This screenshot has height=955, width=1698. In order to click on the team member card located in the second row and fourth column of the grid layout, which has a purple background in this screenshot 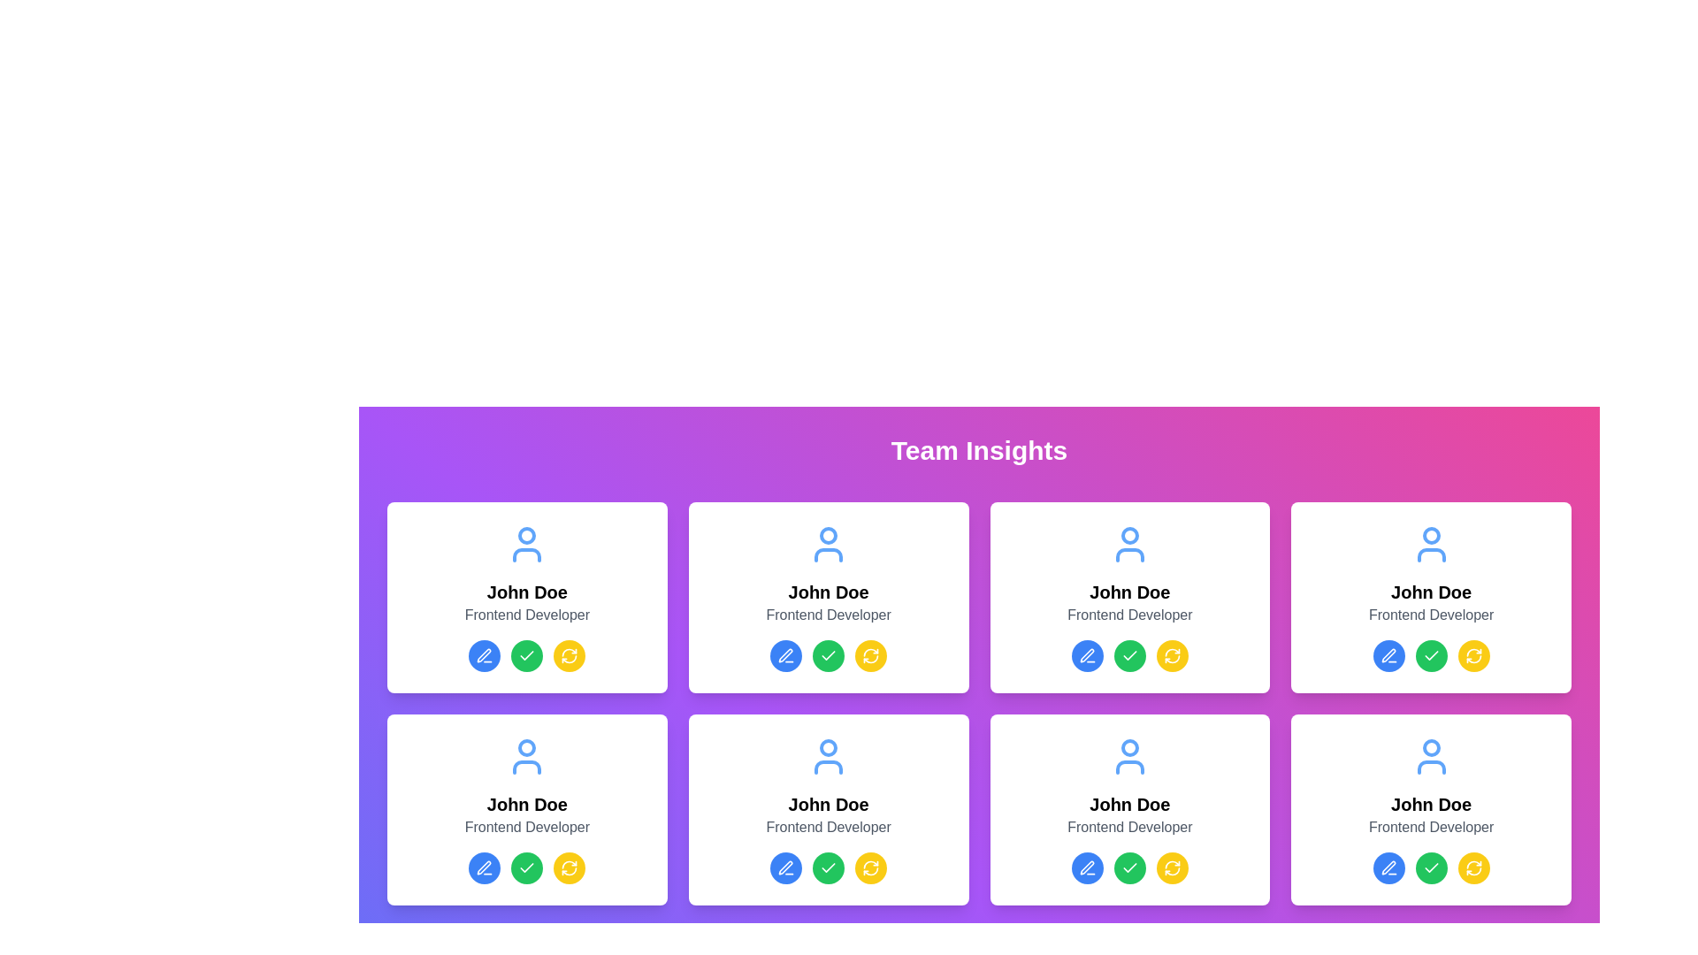, I will do `click(1128, 809)`.